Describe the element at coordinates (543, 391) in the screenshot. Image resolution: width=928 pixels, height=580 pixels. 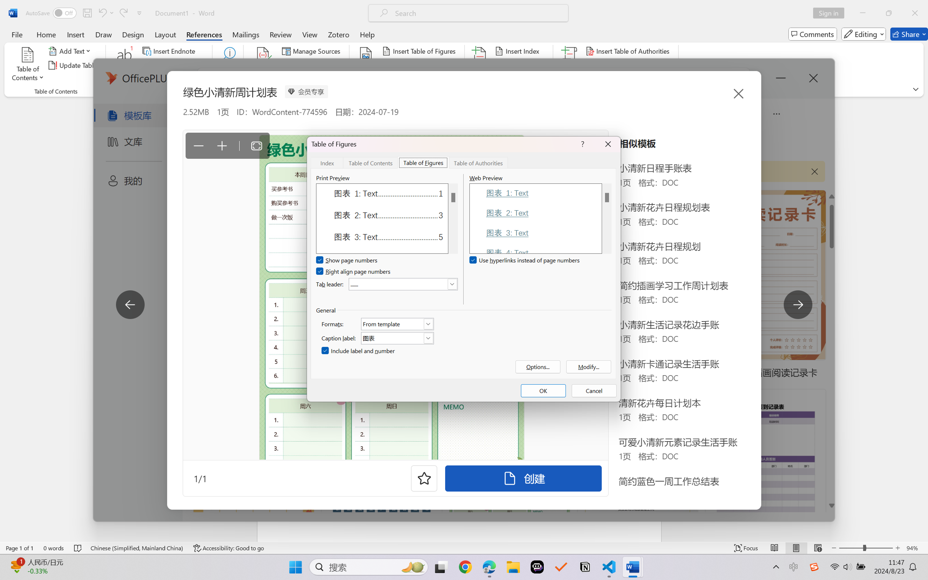
I see `'OK'` at that location.